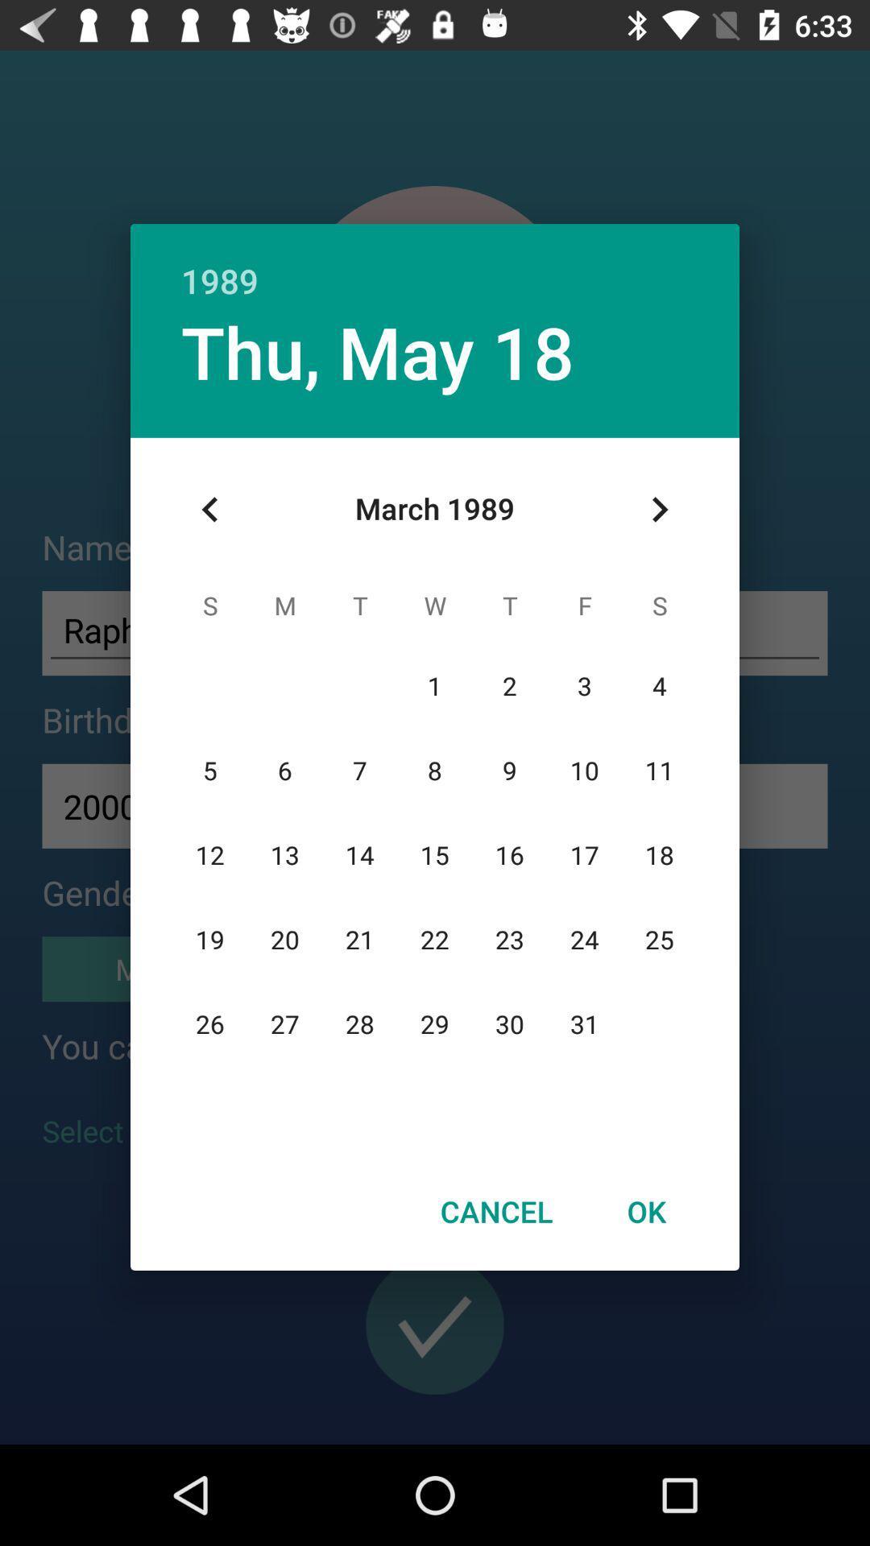  What do you see at coordinates (209, 509) in the screenshot?
I see `the app below thu, may 18 icon` at bounding box center [209, 509].